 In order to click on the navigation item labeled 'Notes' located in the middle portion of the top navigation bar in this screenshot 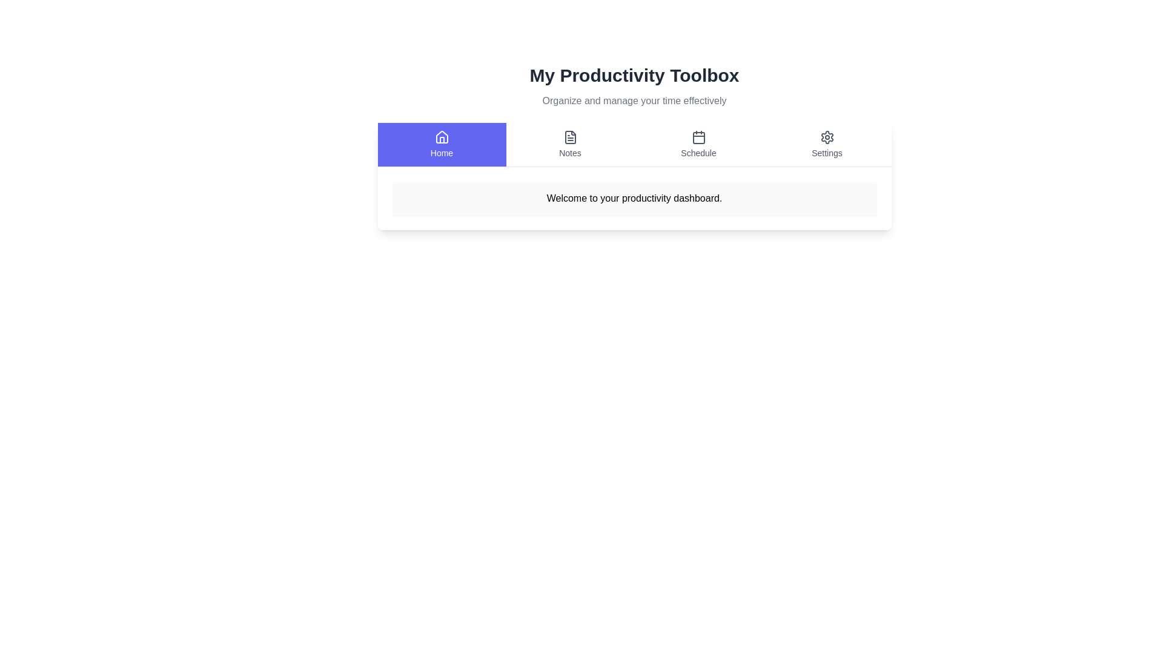, I will do `click(569, 144)`.